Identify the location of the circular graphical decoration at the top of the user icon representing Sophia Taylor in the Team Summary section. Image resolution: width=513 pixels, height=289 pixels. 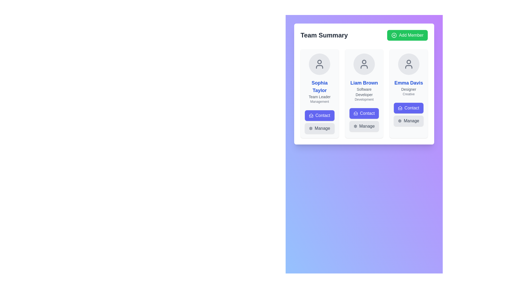
(320, 62).